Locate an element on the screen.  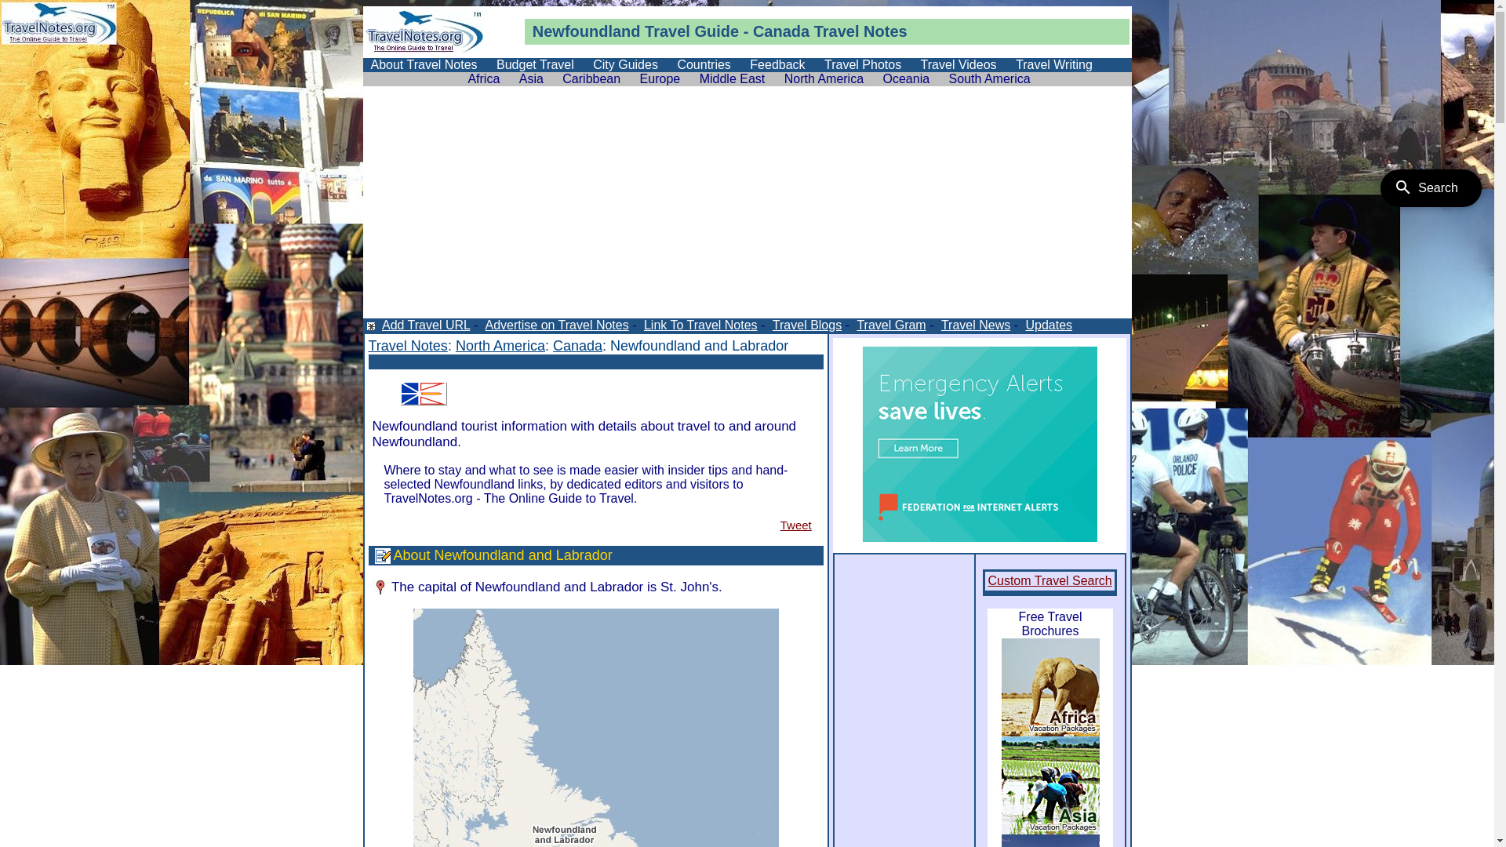
'Travel Photos' is located at coordinates (861, 64).